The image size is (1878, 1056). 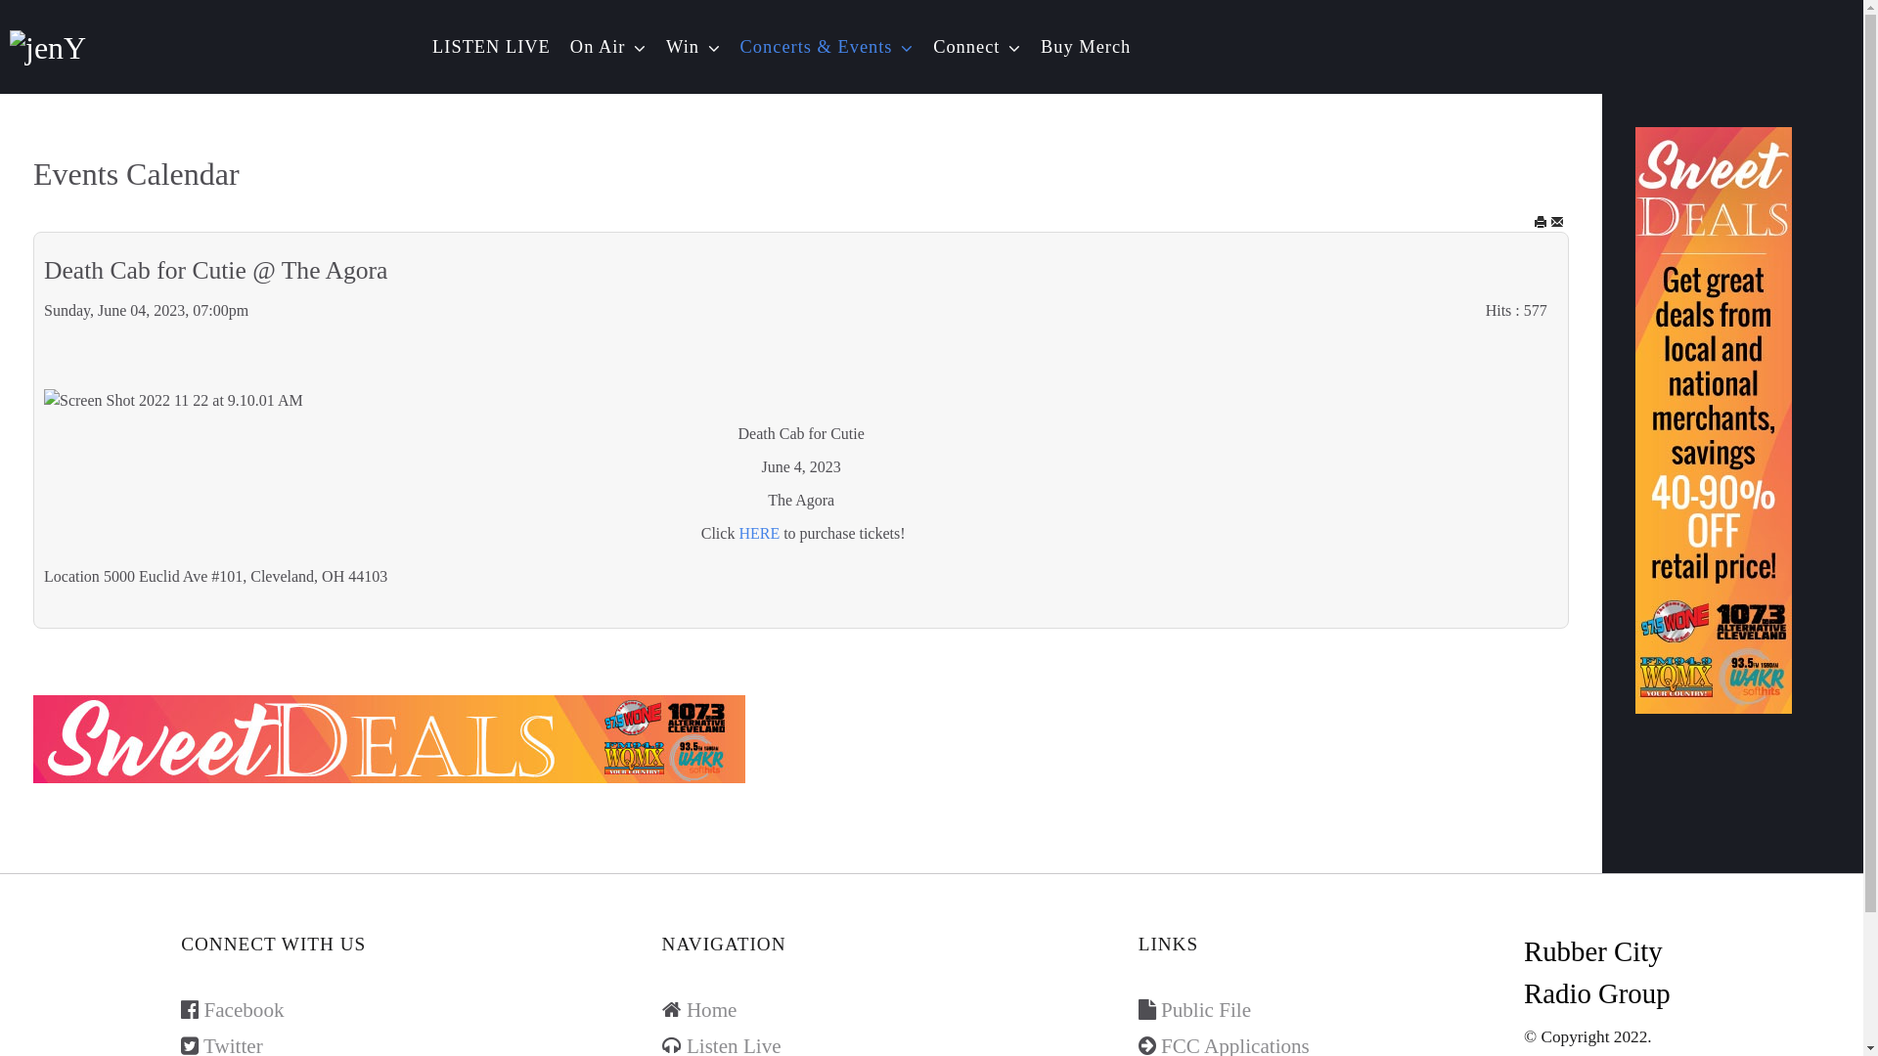 I want to click on 'Connect', so click(x=976, y=45).